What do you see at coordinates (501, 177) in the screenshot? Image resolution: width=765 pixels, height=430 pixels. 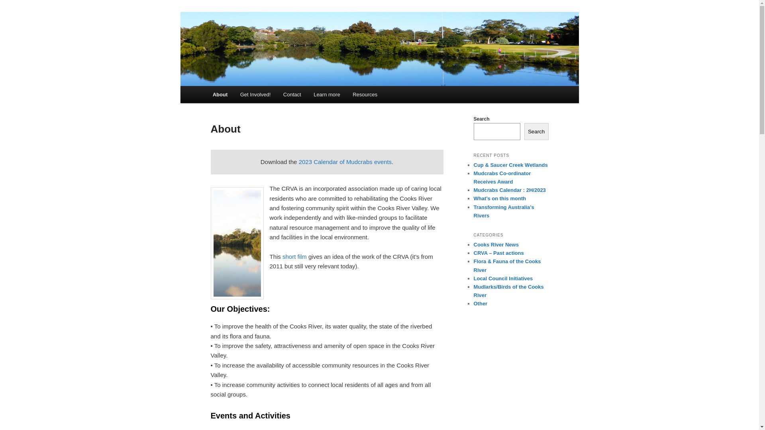 I see `'Mudcrabs Co-ordinator Receives Award'` at bounding box center [501, 177].